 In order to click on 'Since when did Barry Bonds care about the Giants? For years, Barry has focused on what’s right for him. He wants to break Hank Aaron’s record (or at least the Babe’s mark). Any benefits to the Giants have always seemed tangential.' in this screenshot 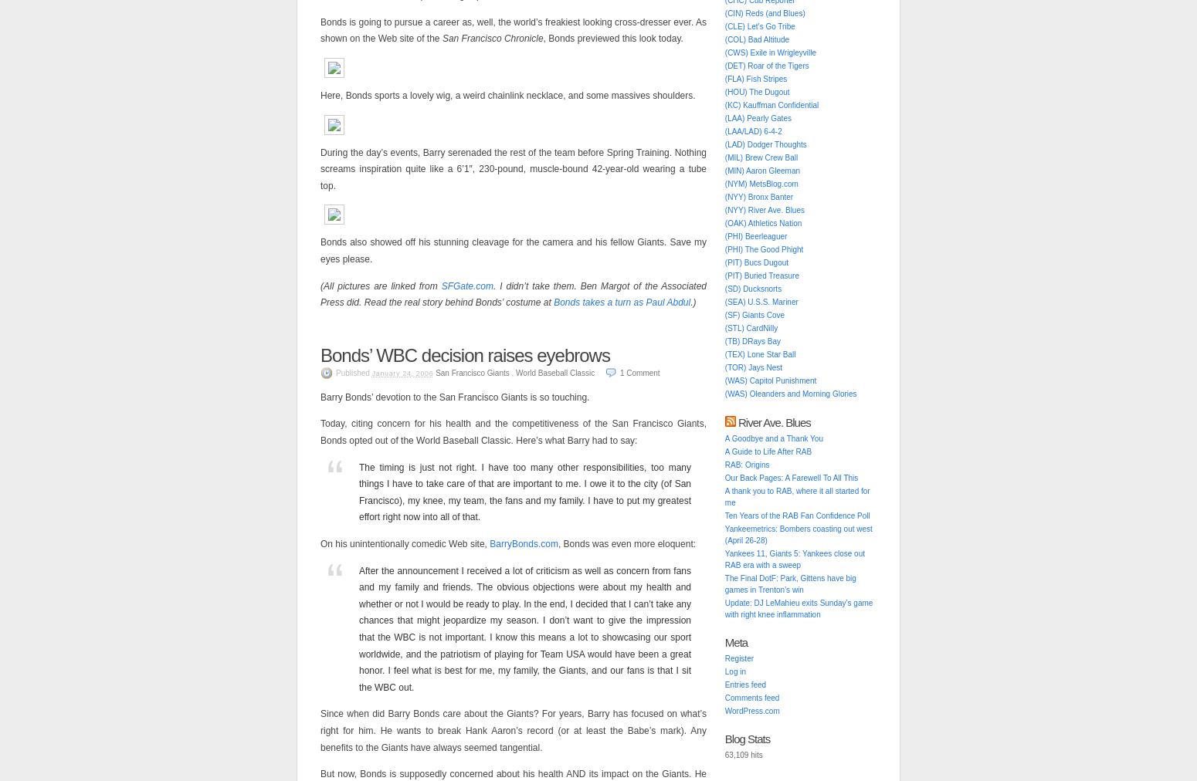, I will do `click(512, 730)`.